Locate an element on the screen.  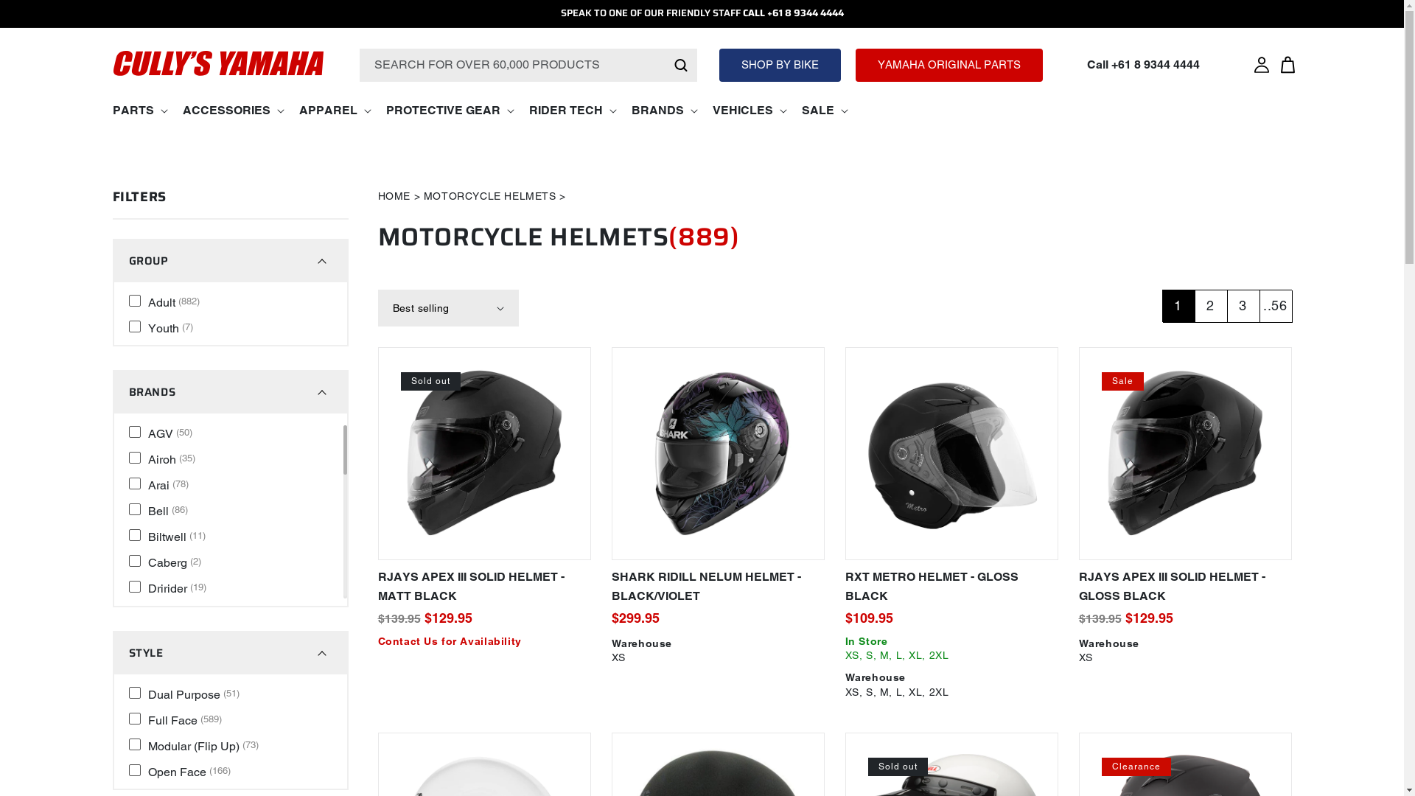
'1' is located at coordinates (1160, 305).